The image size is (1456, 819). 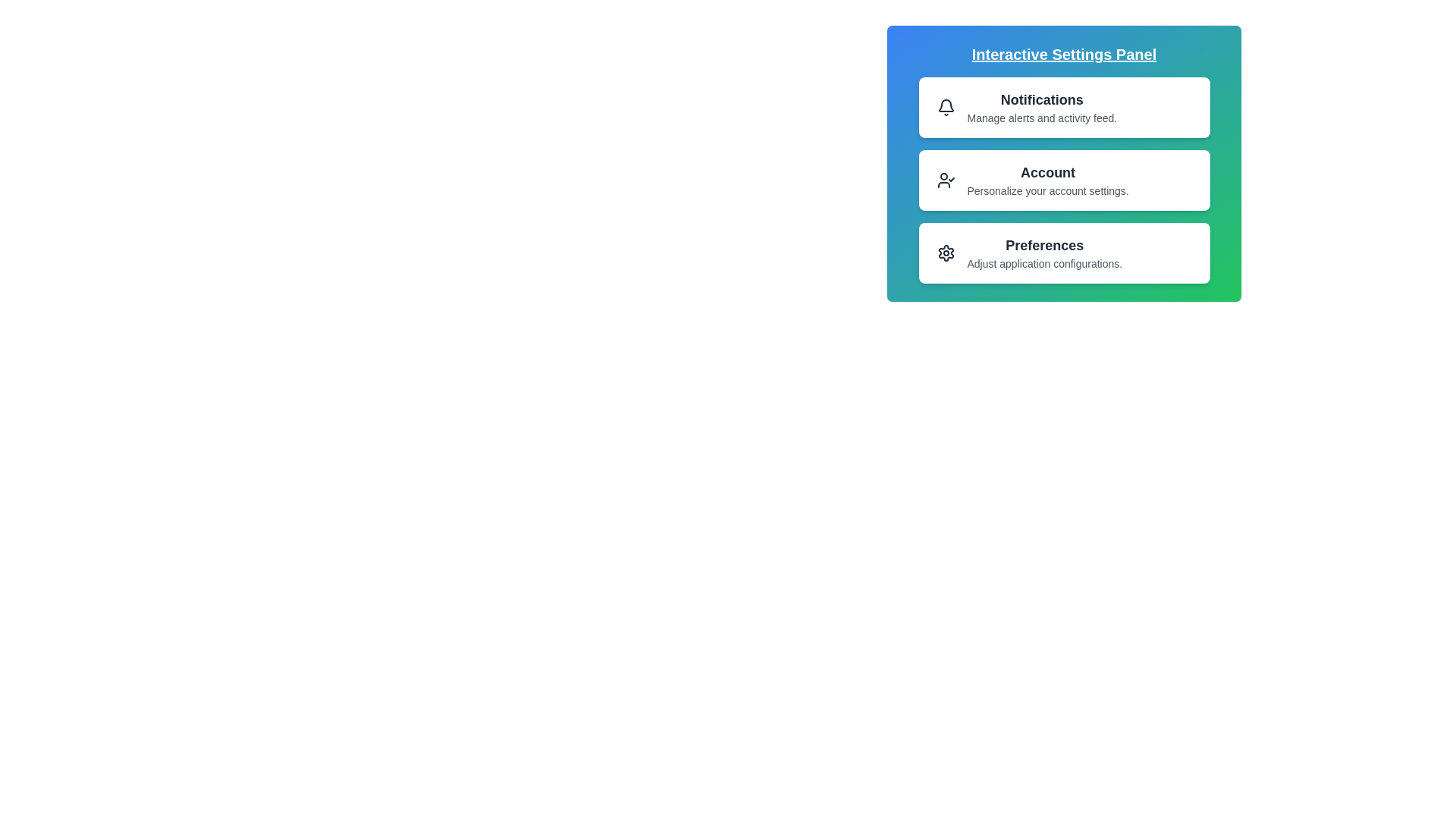 I want to click on the panel to inspect its background gradient effect, so click(x=1063, y=164).